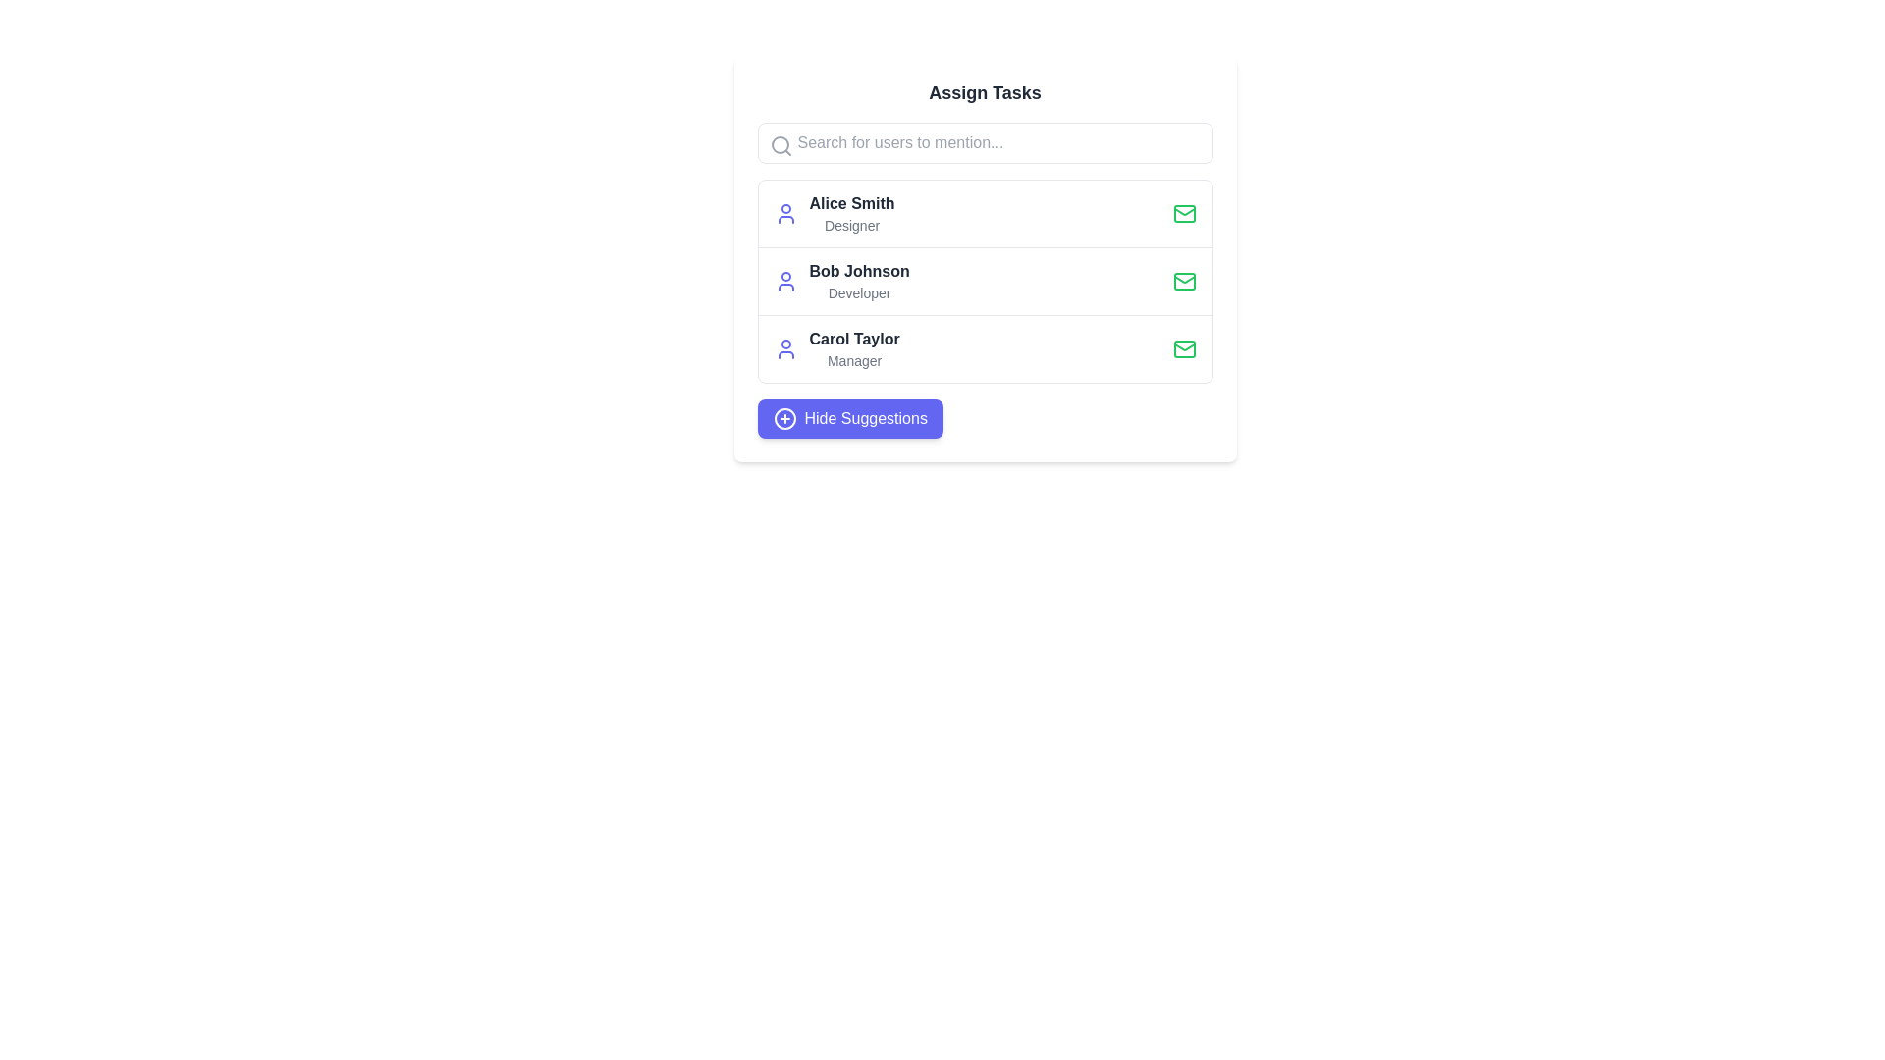 The image size is (1885, 1060). Describe the element at coordinates (1183, 214) in the screenshot. I see `green mail envelope icon representing 'Bob Johnson', located in the rightmost position of the second row in a vertically aligned user list` at that location.